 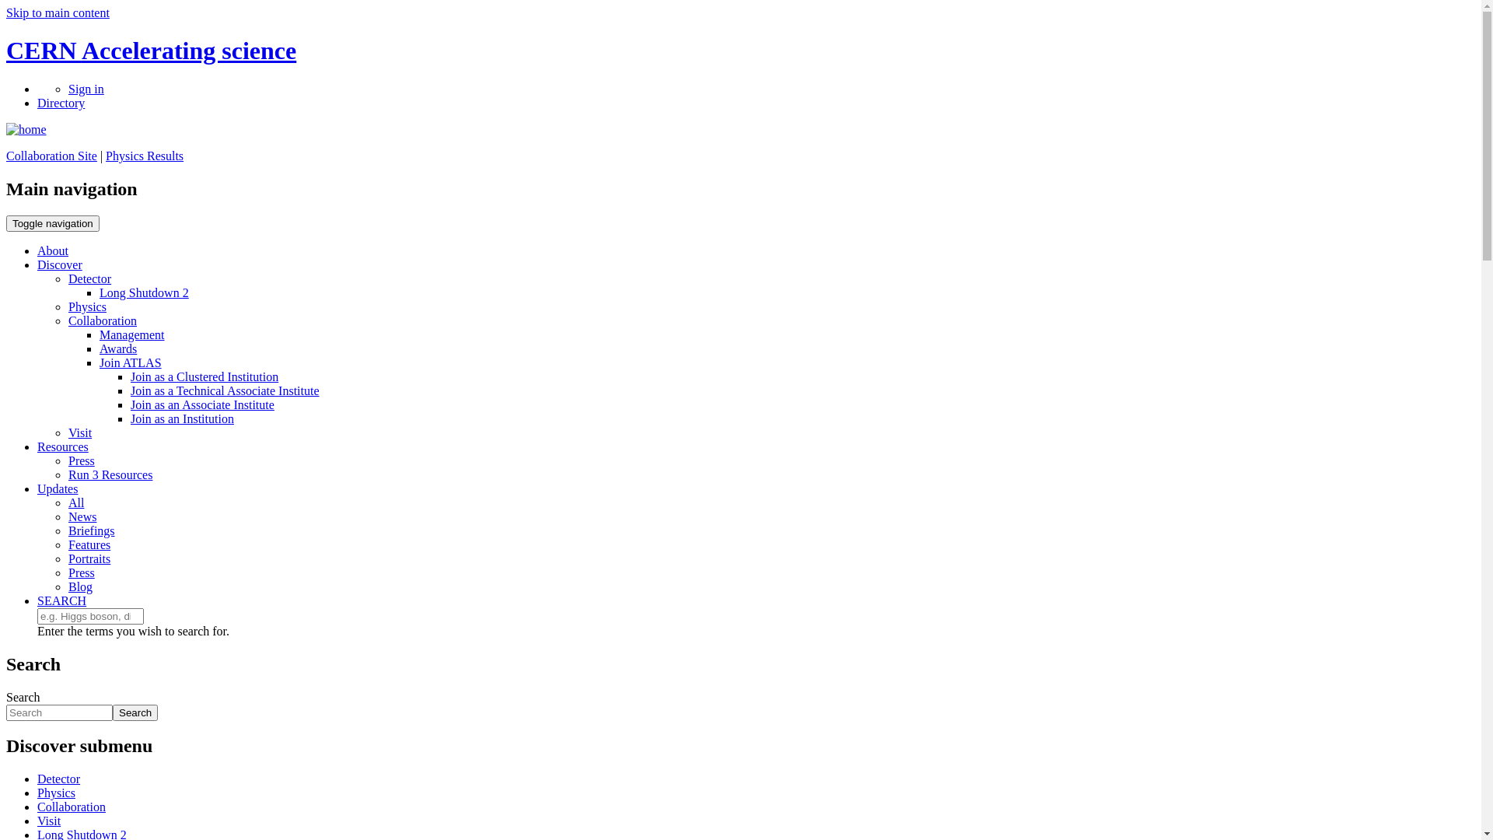 What do you see at coordinates (91, 530) in the screenshot?
I see `'Briefings'` at bounding box center [91, 530].